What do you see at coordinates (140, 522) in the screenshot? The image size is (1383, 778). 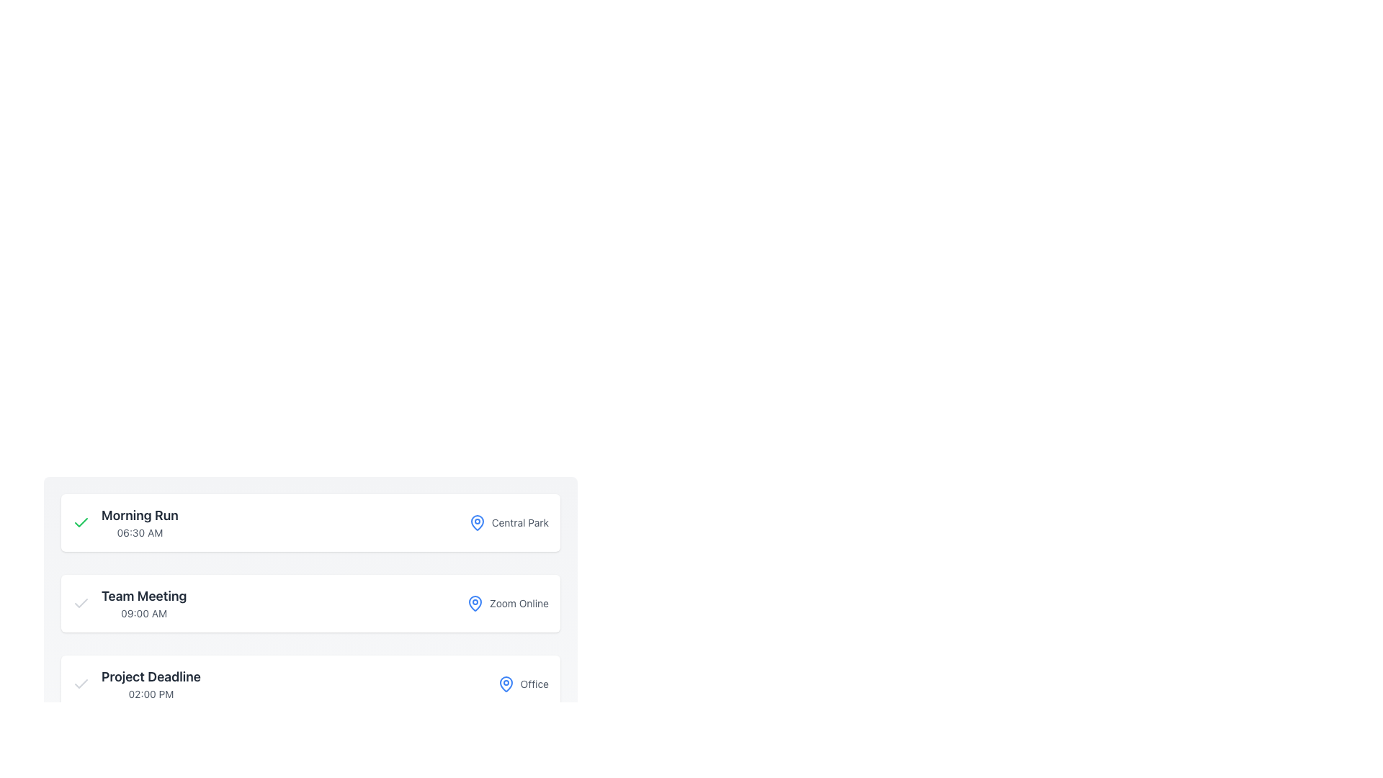 I see `the Text block that indicates the name and scheduled time of the event, positioned in the first row of the list to the right of the checkmark icon` at bounding box center [140, 522].